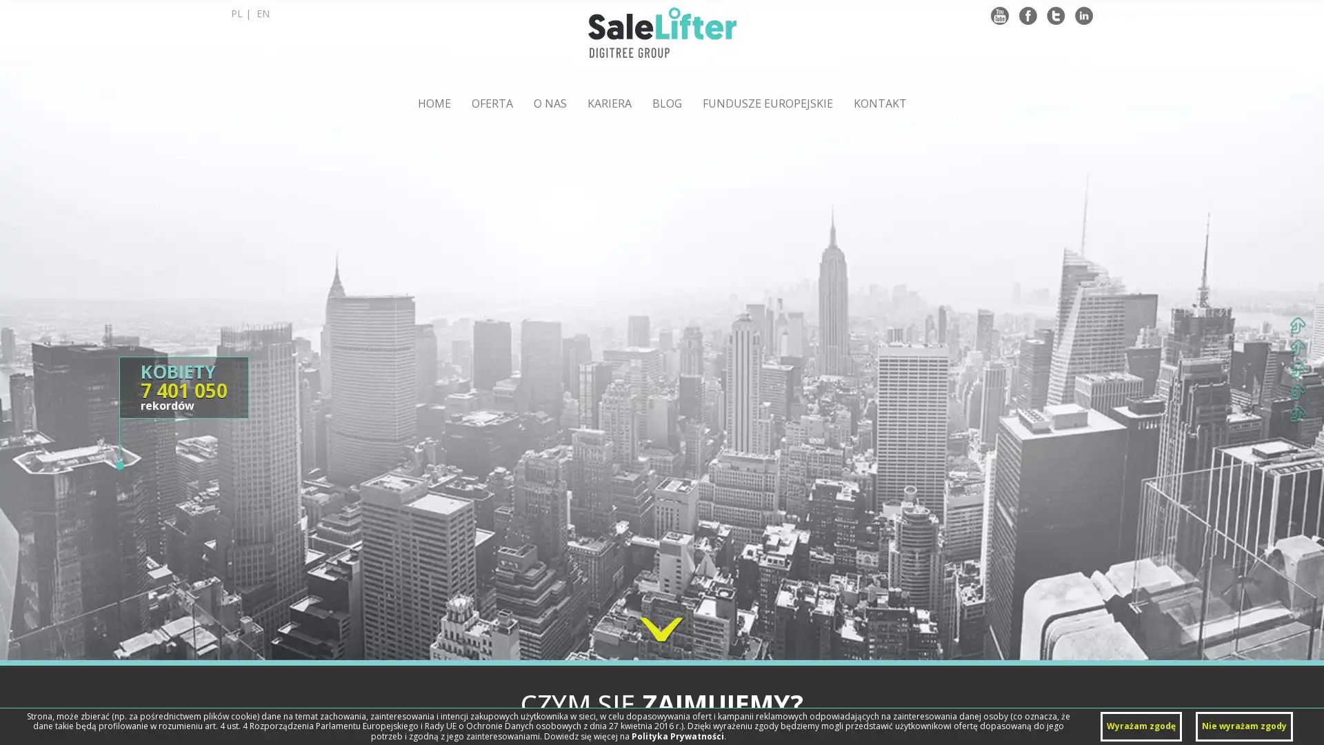 This screenshot has height=745, width=1324. What do you see at coordinates (1141, 726) in the screenshot?
I see `Wyrazam zgode` at bounding box center [1141, 726].